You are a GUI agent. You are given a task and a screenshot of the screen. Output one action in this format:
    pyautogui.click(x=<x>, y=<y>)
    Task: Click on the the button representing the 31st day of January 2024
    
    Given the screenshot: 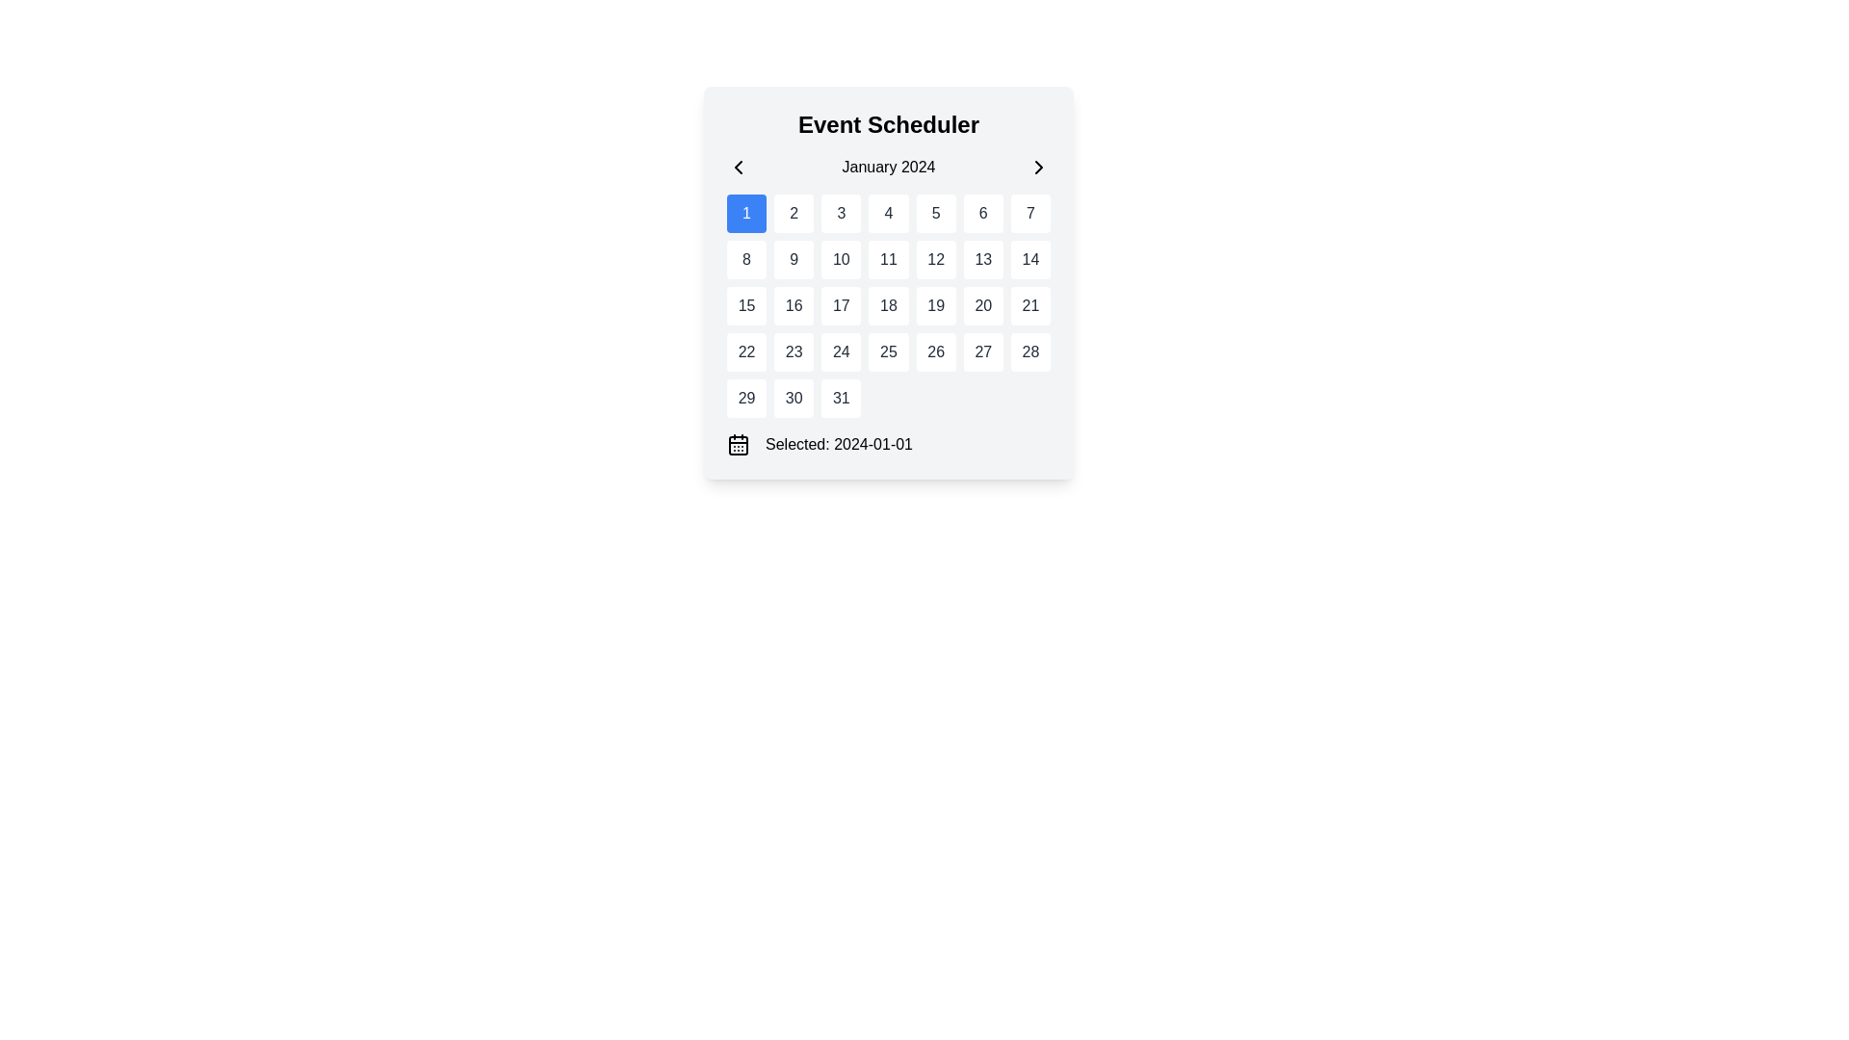 What is the action you would take?
    pyautogui.click(x=841, y=397)
    